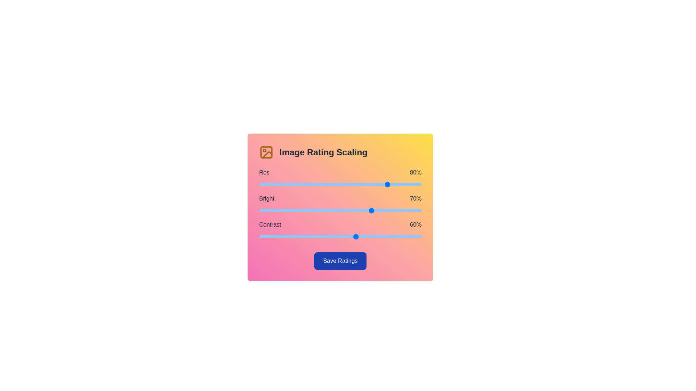 The image size is (696, 391). I want to click on the confirm and save button at the bottom of the settings panel, so click(340, 261).